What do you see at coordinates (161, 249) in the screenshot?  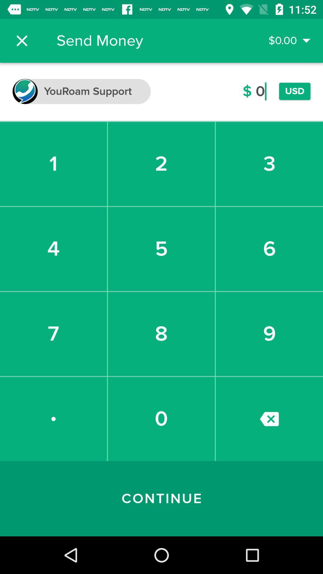 I see `the 5 item` at bounding box center [161, 249].